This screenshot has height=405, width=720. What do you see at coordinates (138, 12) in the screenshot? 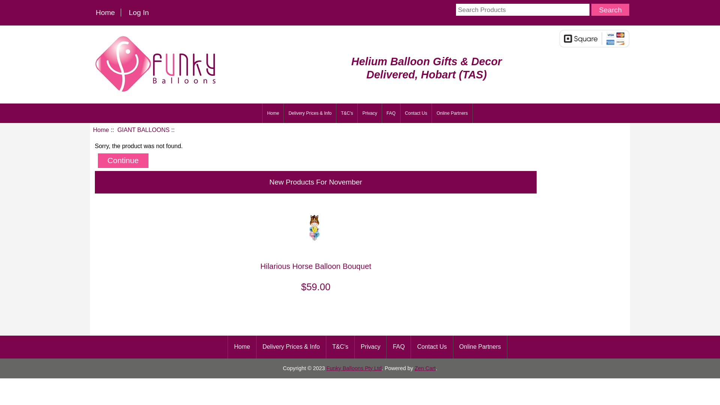
I see `'Log In'` at bounding box center [138, 12].